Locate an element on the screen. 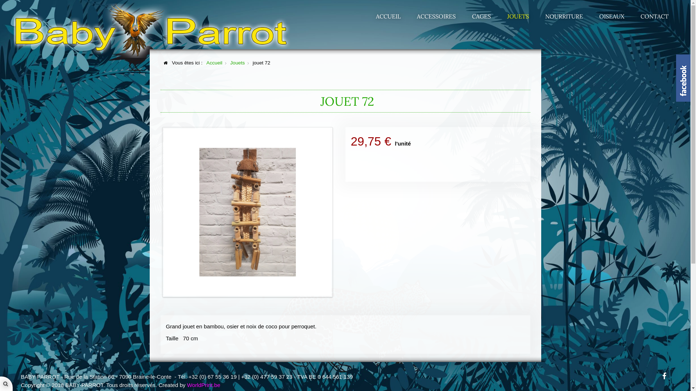  'Facebook' is located at coordinates (664, 375).